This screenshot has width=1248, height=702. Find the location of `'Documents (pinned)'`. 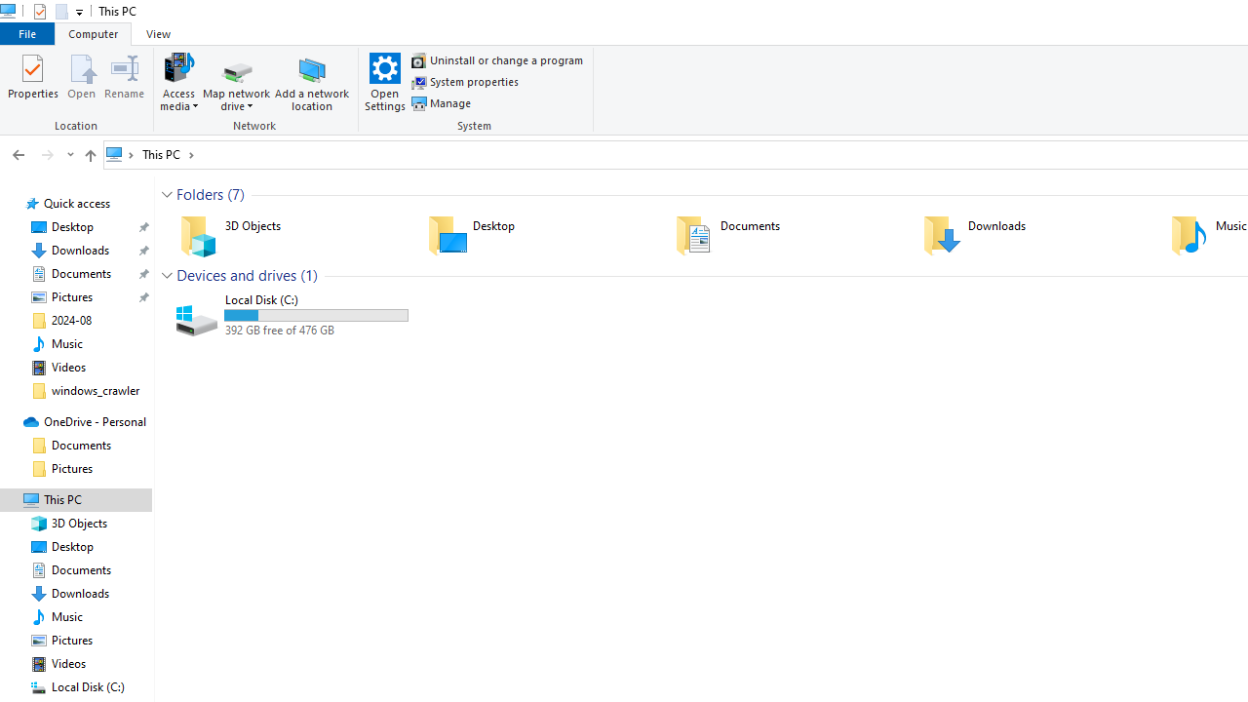

'Documents (pinned)' is located at coordinates (80, 274).